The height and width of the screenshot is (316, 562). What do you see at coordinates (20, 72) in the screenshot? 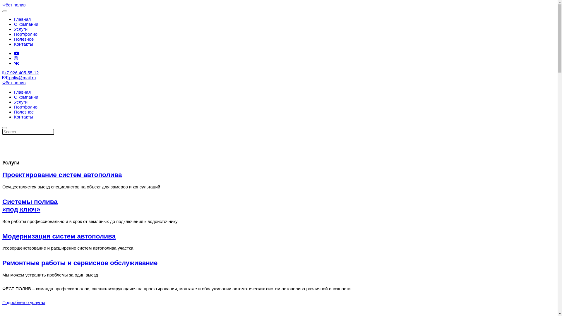
I see `'+7 926 405-55-12'` at bounding box center [20, 72].